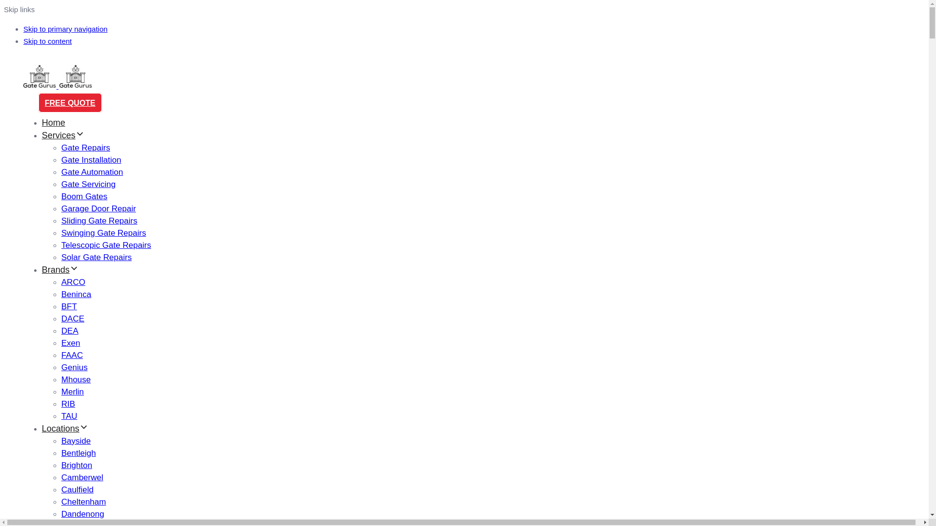  What do you see at coordinates (69, 306) in the screenshot?
I see `'BFT'` at bounding box center [69, 306].